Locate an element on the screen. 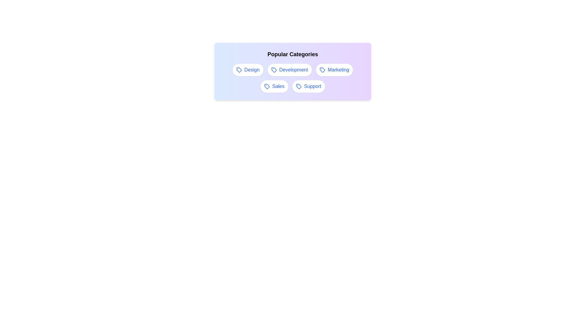 This screenshot has height=330, width=588. the Development tag to select it is located at coordinates (289, 69).